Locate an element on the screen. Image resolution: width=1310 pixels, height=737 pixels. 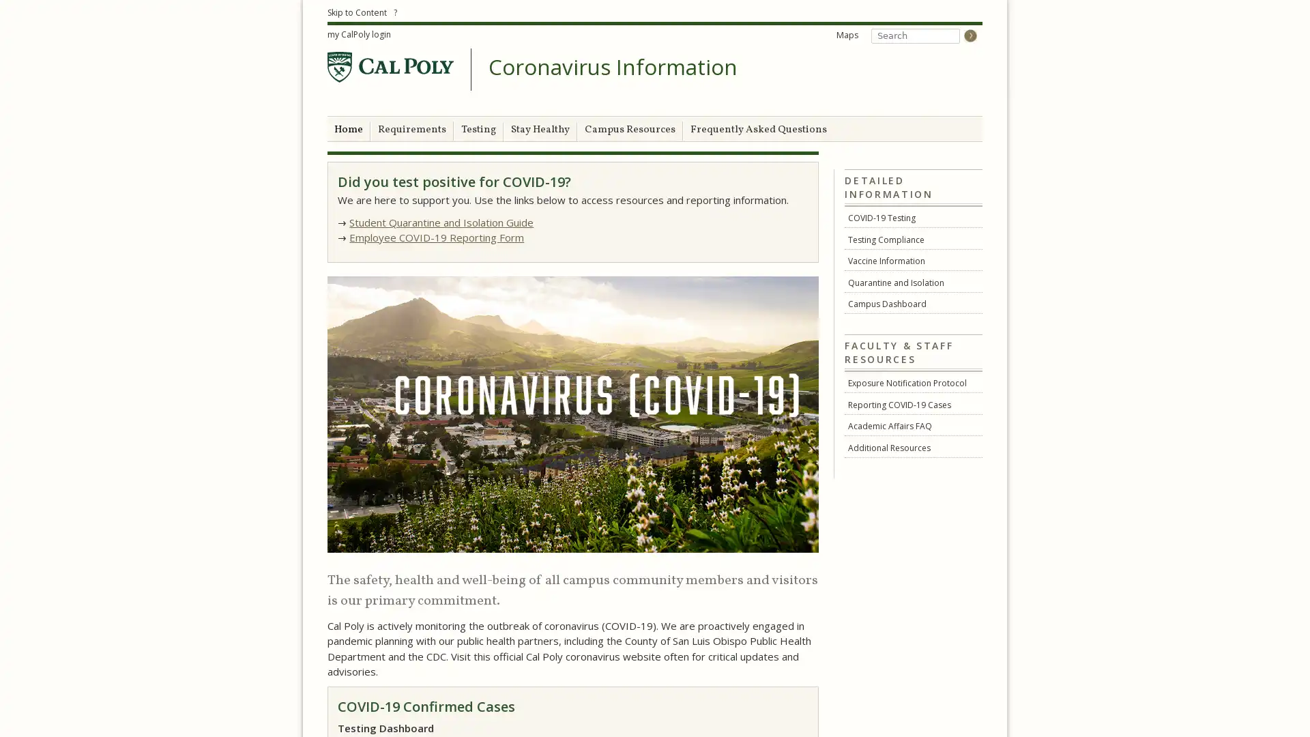
Go is located at coordinates (970, 35).